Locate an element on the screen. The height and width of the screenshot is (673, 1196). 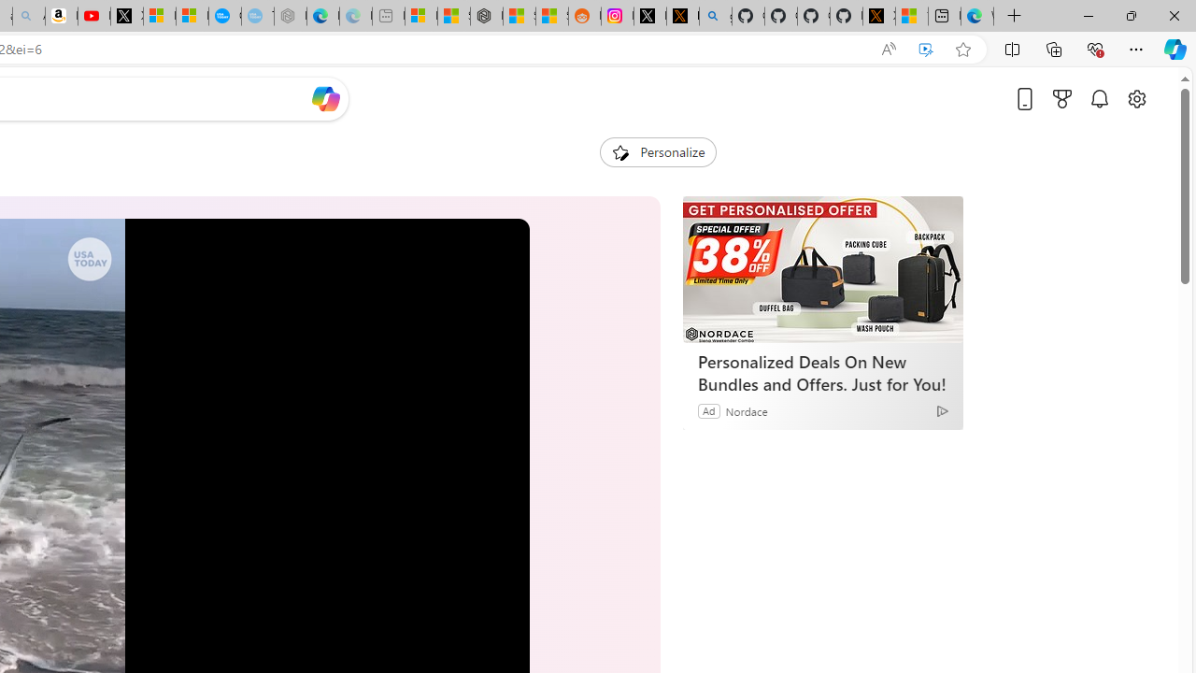
'Notifications' is located at coordinates (1099, 98).